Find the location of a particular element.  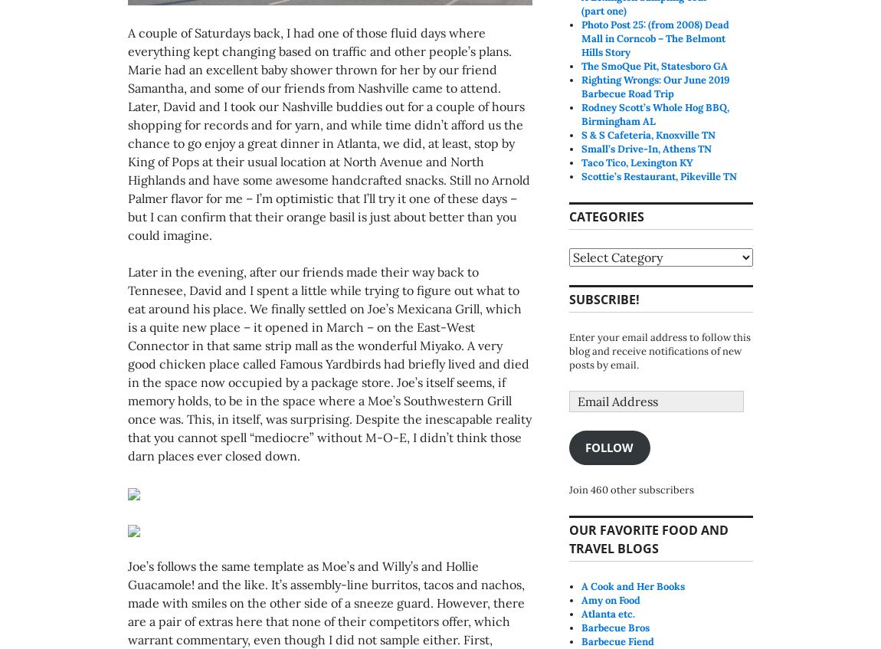

'Righting Wrongs: Our June 2019 Barbecue Road Trip' is located at coordinates (654, 86).